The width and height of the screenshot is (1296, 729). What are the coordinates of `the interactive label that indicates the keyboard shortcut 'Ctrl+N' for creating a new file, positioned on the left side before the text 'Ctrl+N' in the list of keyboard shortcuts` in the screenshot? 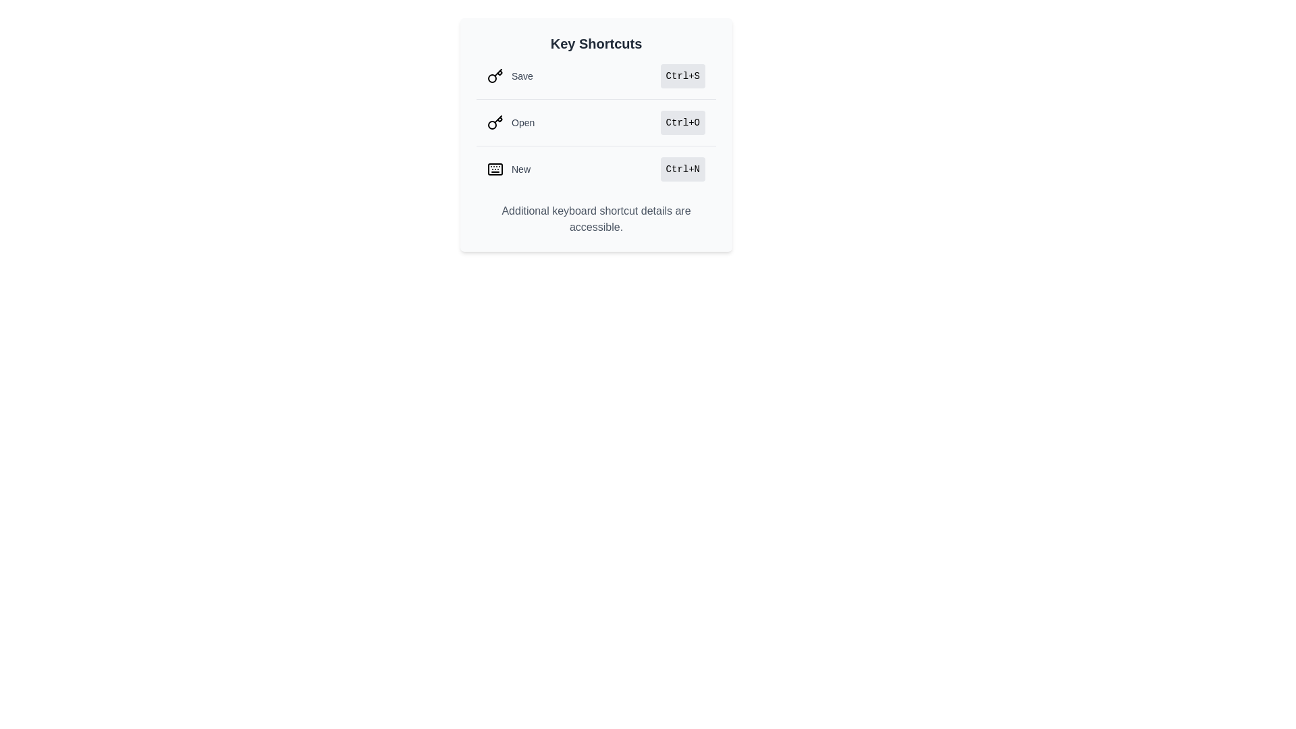 It's located at (508, 168).